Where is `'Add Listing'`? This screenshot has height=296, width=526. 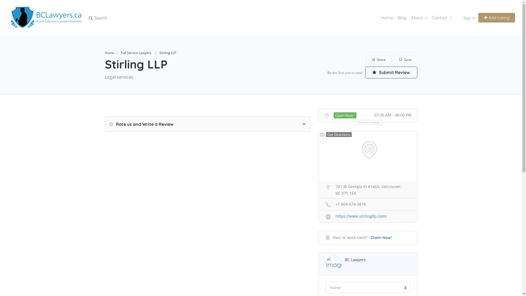 'Add Listing' is located at coordinates (497, 17).